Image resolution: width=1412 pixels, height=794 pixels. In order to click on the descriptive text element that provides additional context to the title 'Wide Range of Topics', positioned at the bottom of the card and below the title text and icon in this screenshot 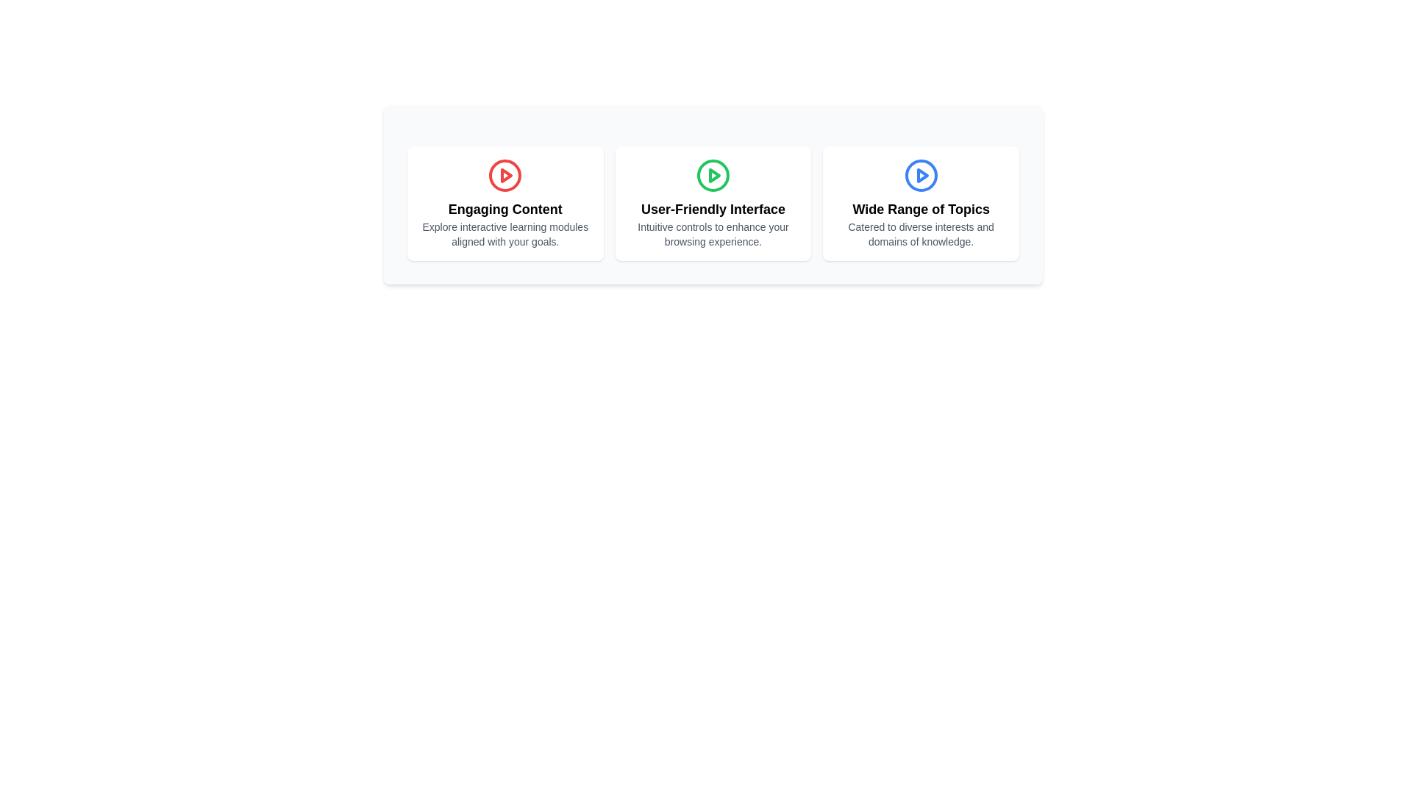, I will do `click(920, 234)`.